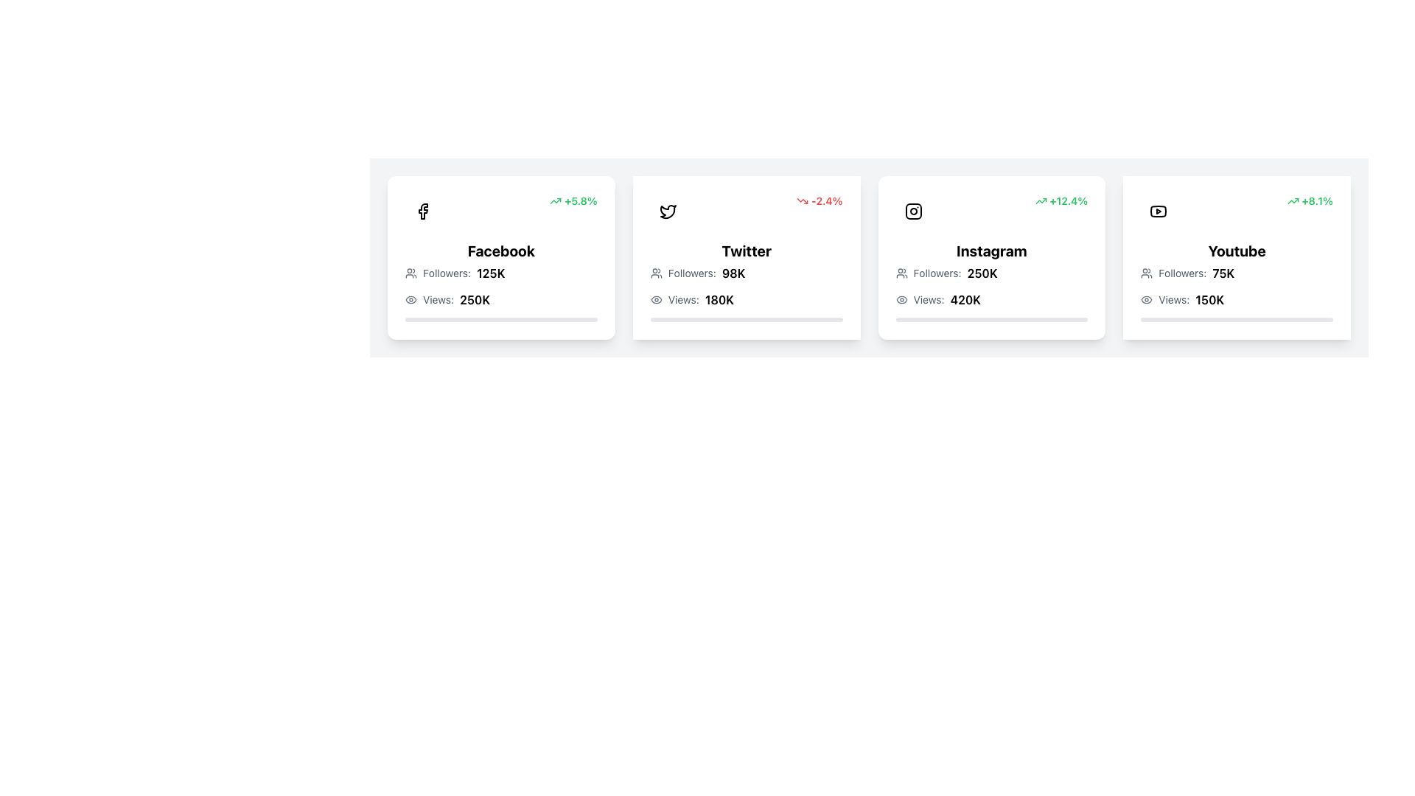  What do you see at coordinates (965, 299) in the screenshot?
I see `the total view count text element located within the third metrics card of the Instagram metrics summary, which follows the label 'Views:'` at bounding box center [965, 299].